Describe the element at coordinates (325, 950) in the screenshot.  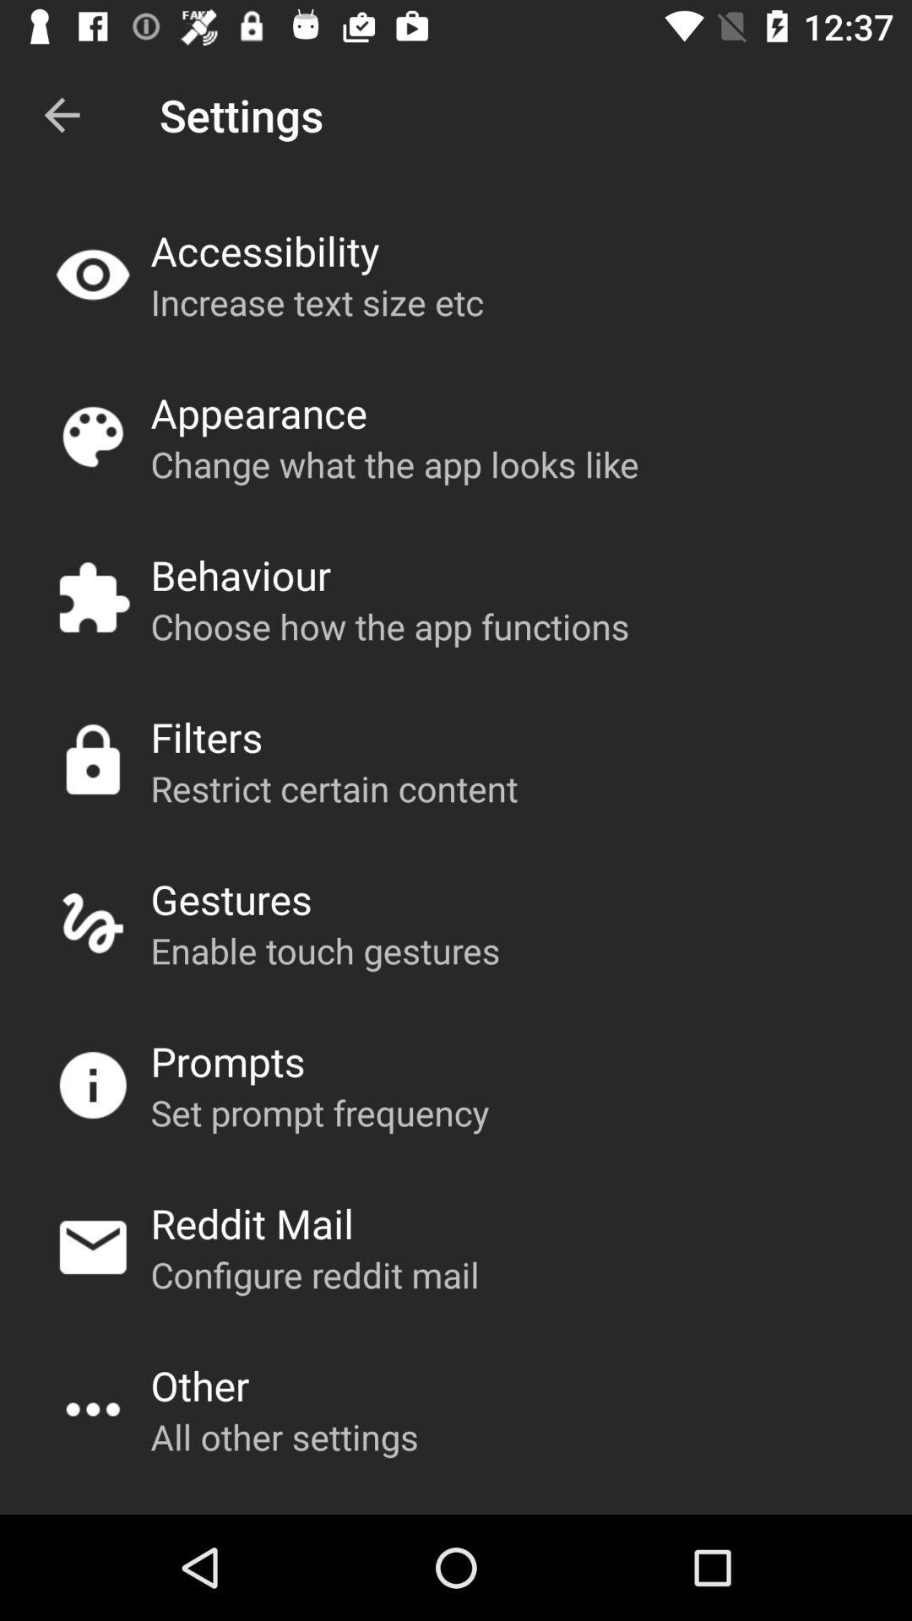
I see `the icon above prompts app` at that location.